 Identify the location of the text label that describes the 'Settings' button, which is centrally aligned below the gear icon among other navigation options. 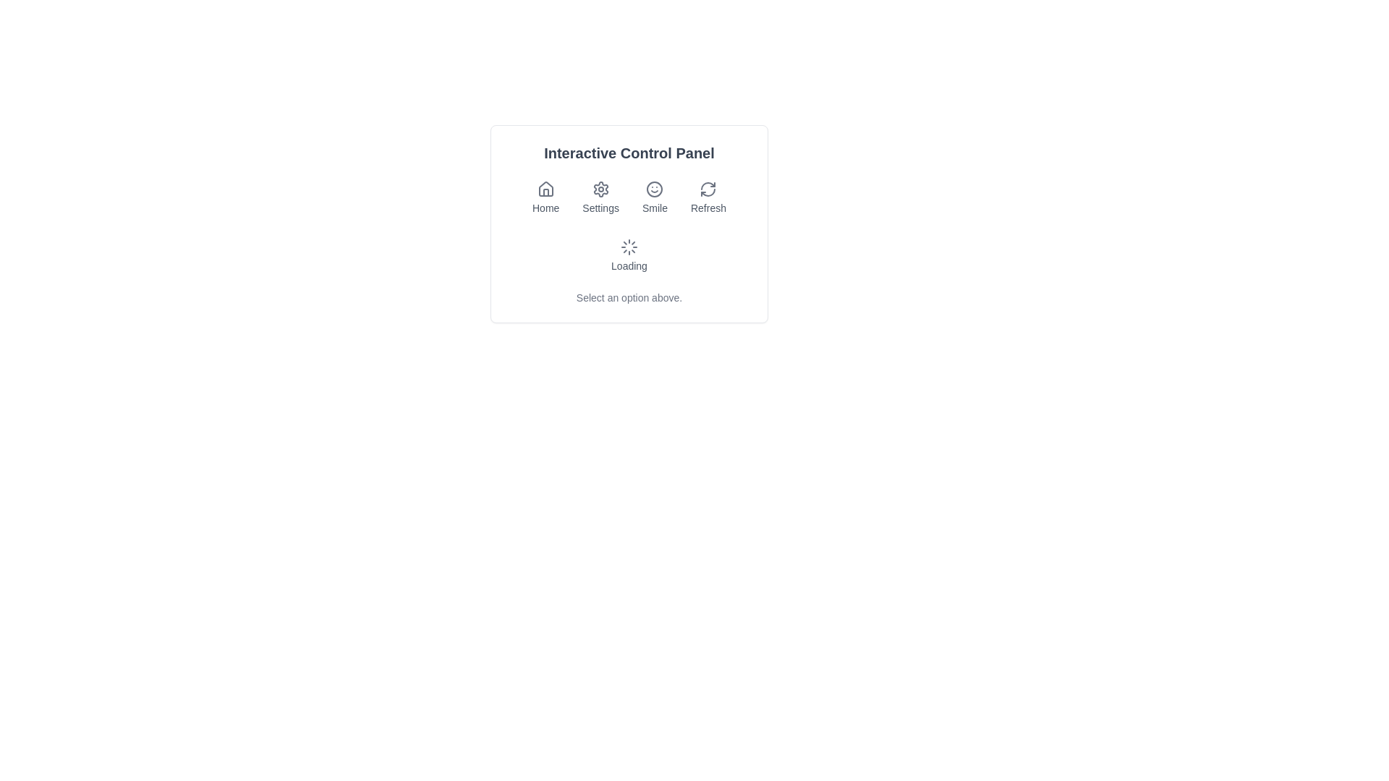
(600, 208).